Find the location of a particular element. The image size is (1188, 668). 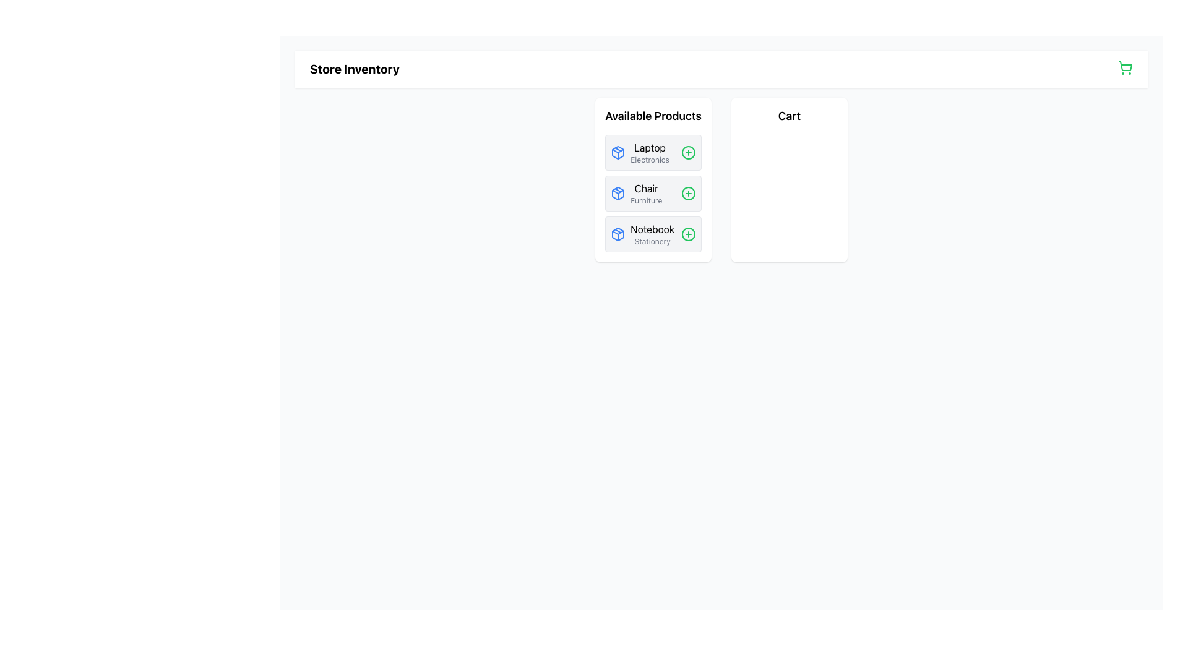

the 'Laptop' text label in the 'Available Products' section, located between a blue square icon and a green circular '+' icon is located at coordinates (649, 152).